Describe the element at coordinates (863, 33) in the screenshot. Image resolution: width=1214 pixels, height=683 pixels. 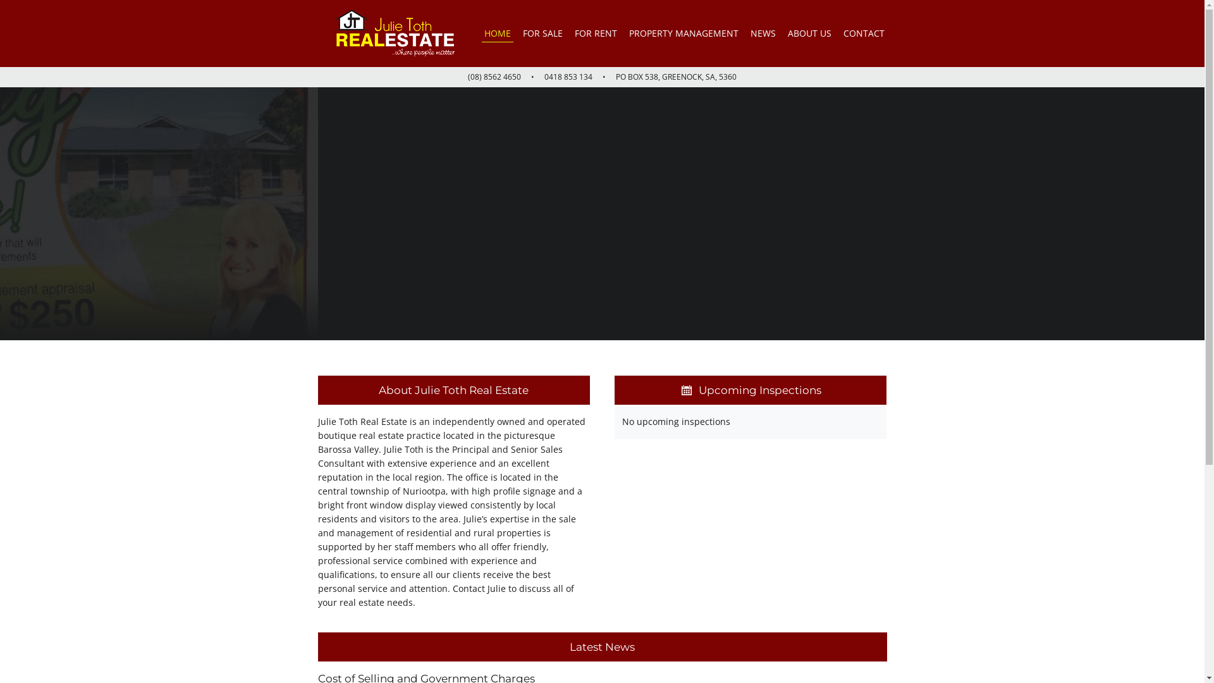
I see `'CONTACT'` at that location.